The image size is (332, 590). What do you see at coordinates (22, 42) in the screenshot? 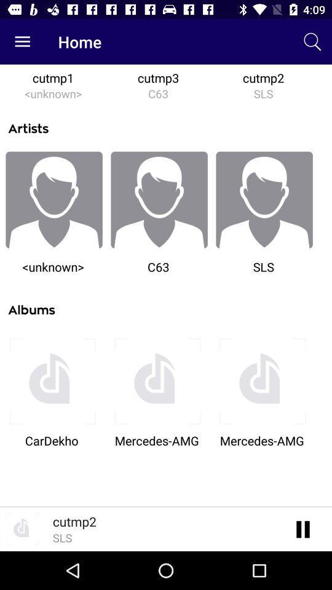
I see `icon next to the home` at bounding box center [22, 42].